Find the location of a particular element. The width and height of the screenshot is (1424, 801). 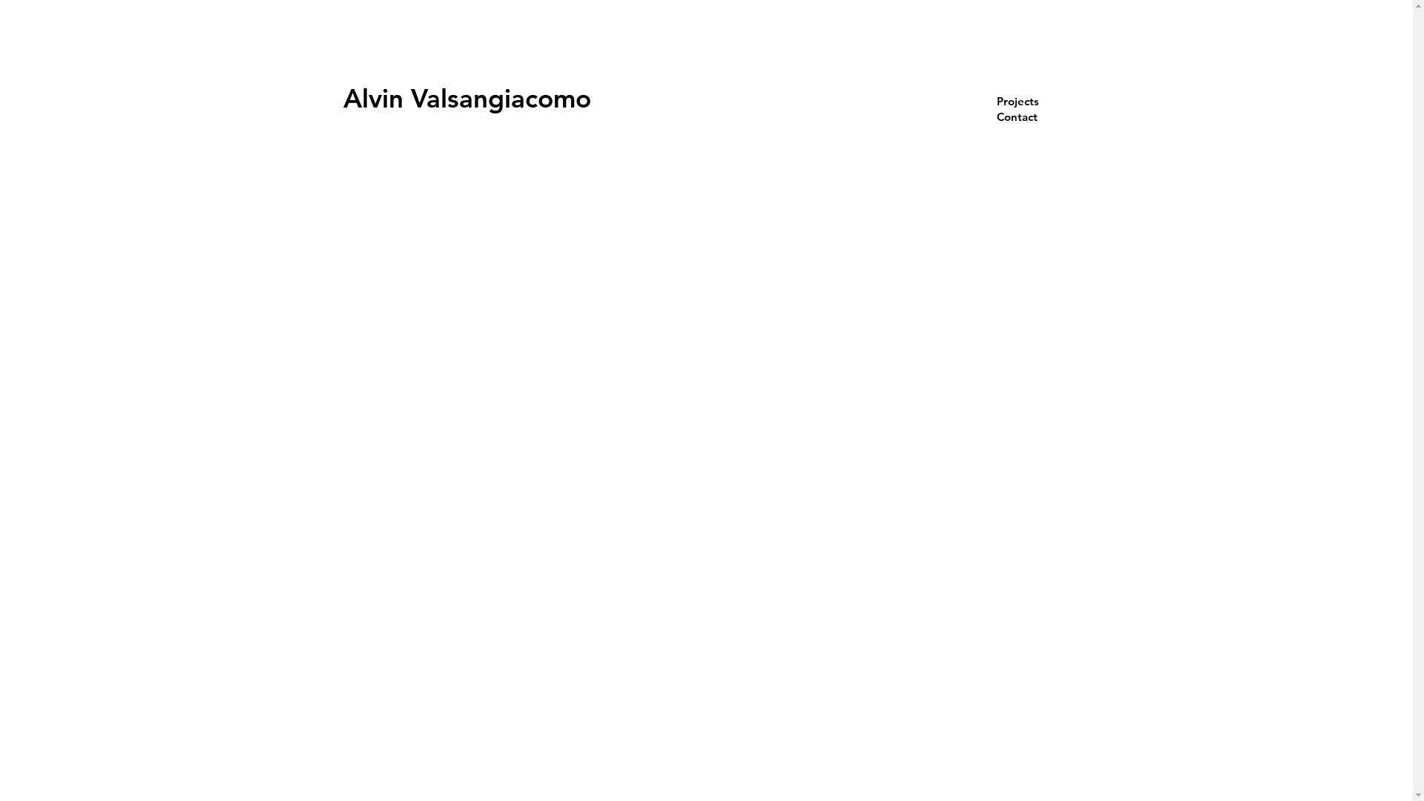

'Projects' is located at coordinates (1032, 100).